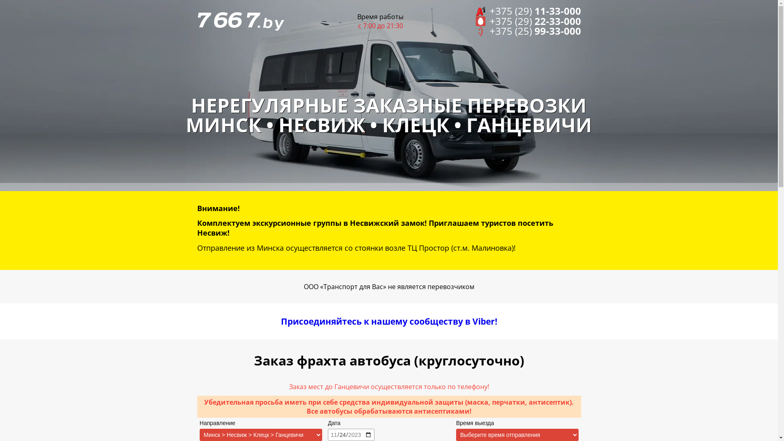  Describe the element at coordinates (528, 11) in the screenshot. I see `'+375 (29) 11-33-000'` at that location.